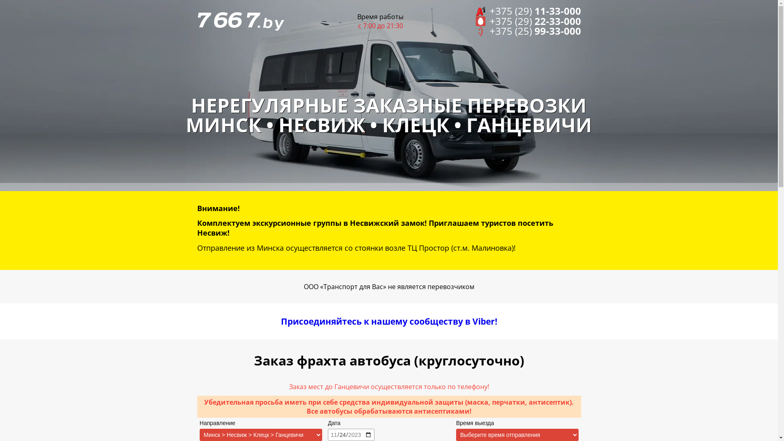  Describe the element at coordinates (528, 11) in the screenshot. I see `'+375 (29) 11-33-000'` at that location.